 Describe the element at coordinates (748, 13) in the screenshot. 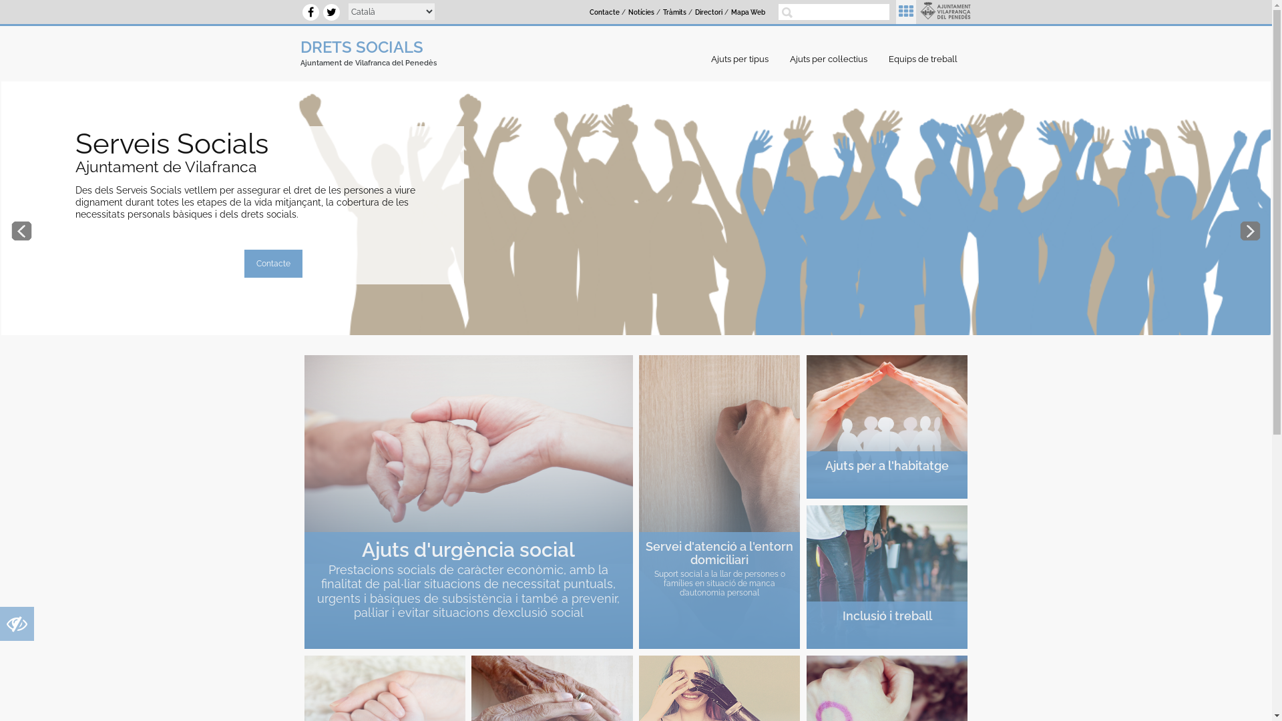

I see `'Mapa Web'` at that location.